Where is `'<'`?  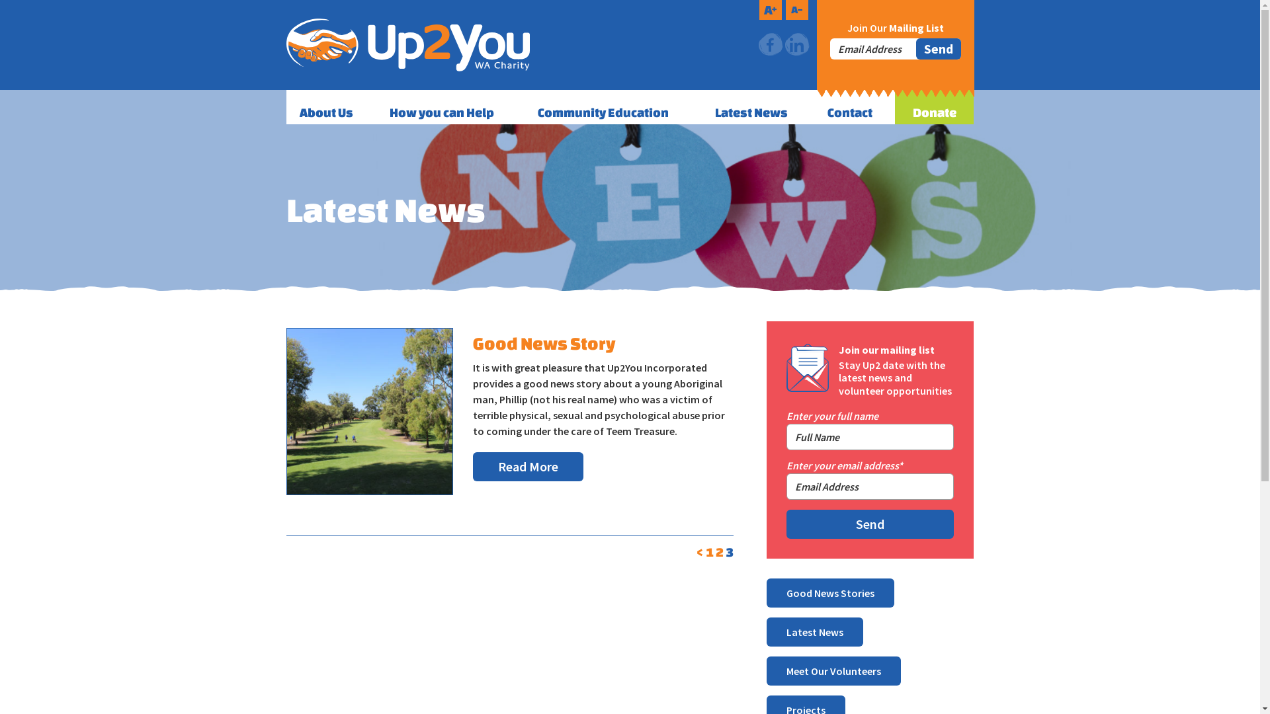
'<' is located at coordinates (698, 551).